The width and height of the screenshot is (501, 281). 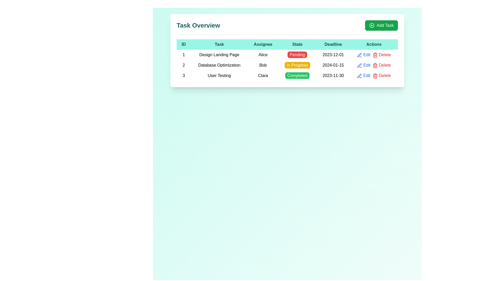 I want to click on the 'Edit' icon, so click(x=359, y=65).